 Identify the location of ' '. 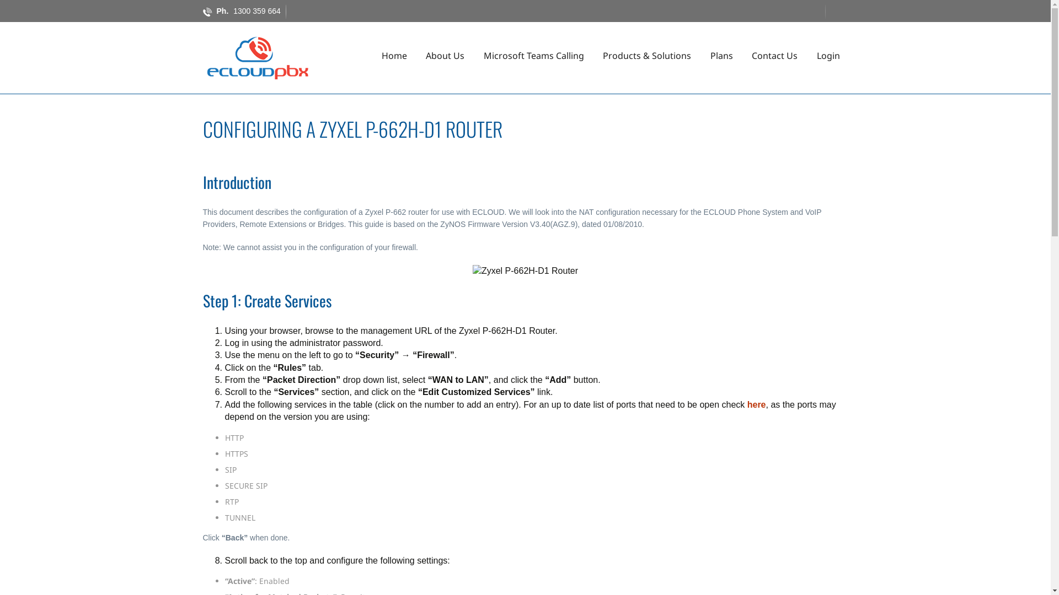
(306, 537).